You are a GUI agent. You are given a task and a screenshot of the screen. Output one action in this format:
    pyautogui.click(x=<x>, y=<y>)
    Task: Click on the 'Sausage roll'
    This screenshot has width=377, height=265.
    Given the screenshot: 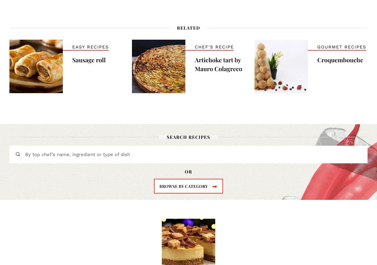 What is the action you would take?
    pyautogui.click(x=88, y=59)
    